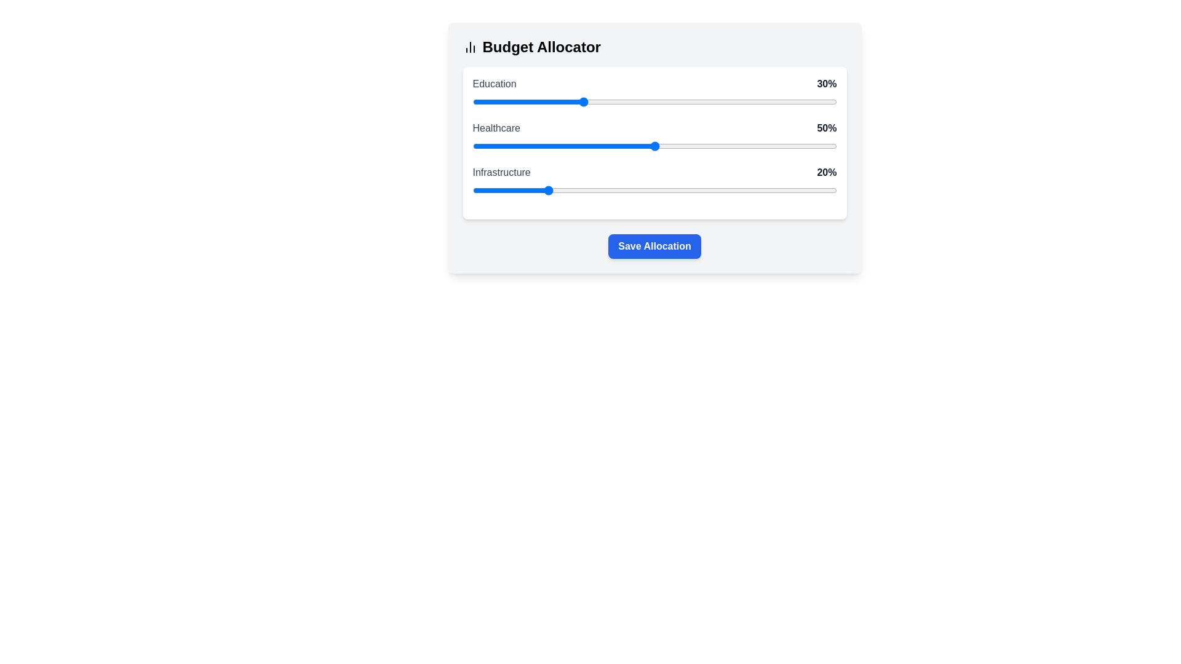 The image size is (1181, 664). Describe the element at coordinates (827, 84) in the screenshot. I see `the '30%' label, which is displayed in bold dark gray font and is located to the right of the 'Education' slider in the topmost row of sliders` at that location.